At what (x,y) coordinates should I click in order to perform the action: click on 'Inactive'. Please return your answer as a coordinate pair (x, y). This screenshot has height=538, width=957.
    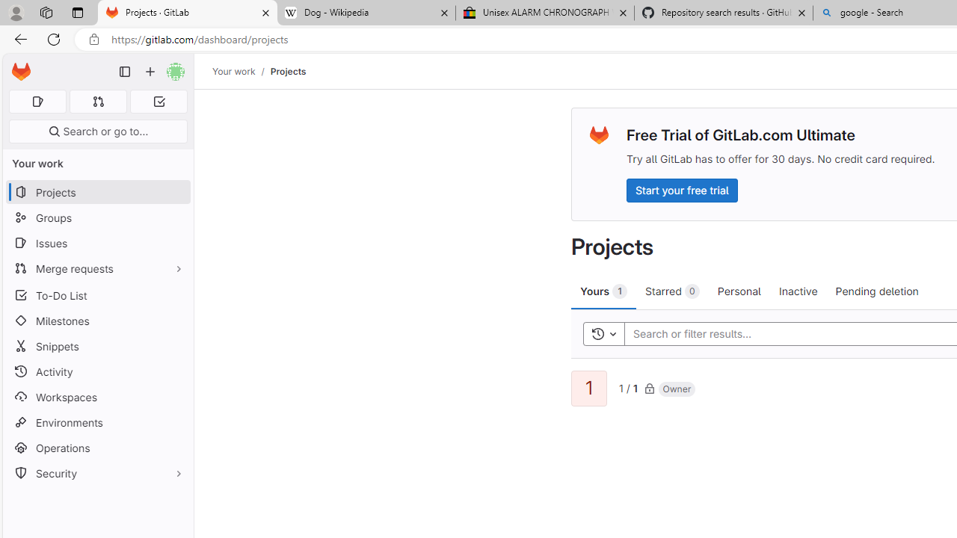
    Looking at the image, I should click on (797, 291).